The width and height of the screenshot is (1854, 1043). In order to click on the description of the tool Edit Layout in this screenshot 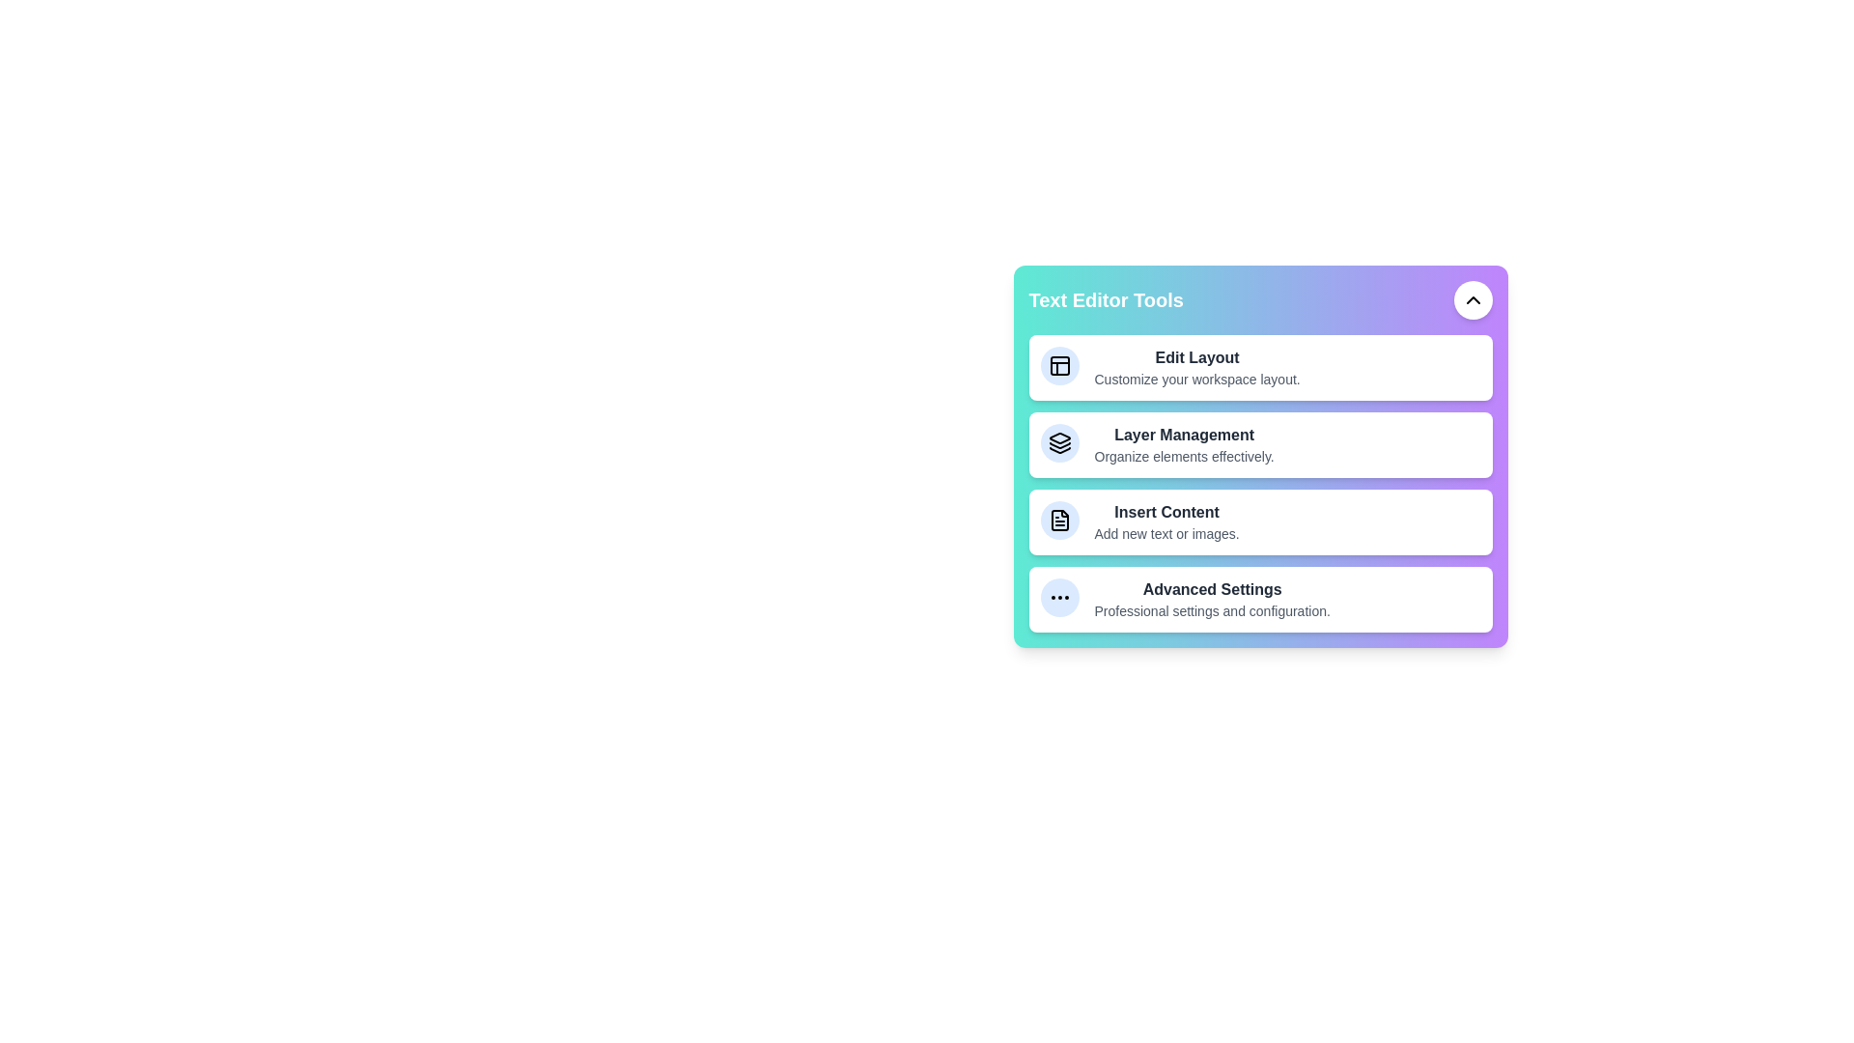, I will do `click(1159, 346)`.